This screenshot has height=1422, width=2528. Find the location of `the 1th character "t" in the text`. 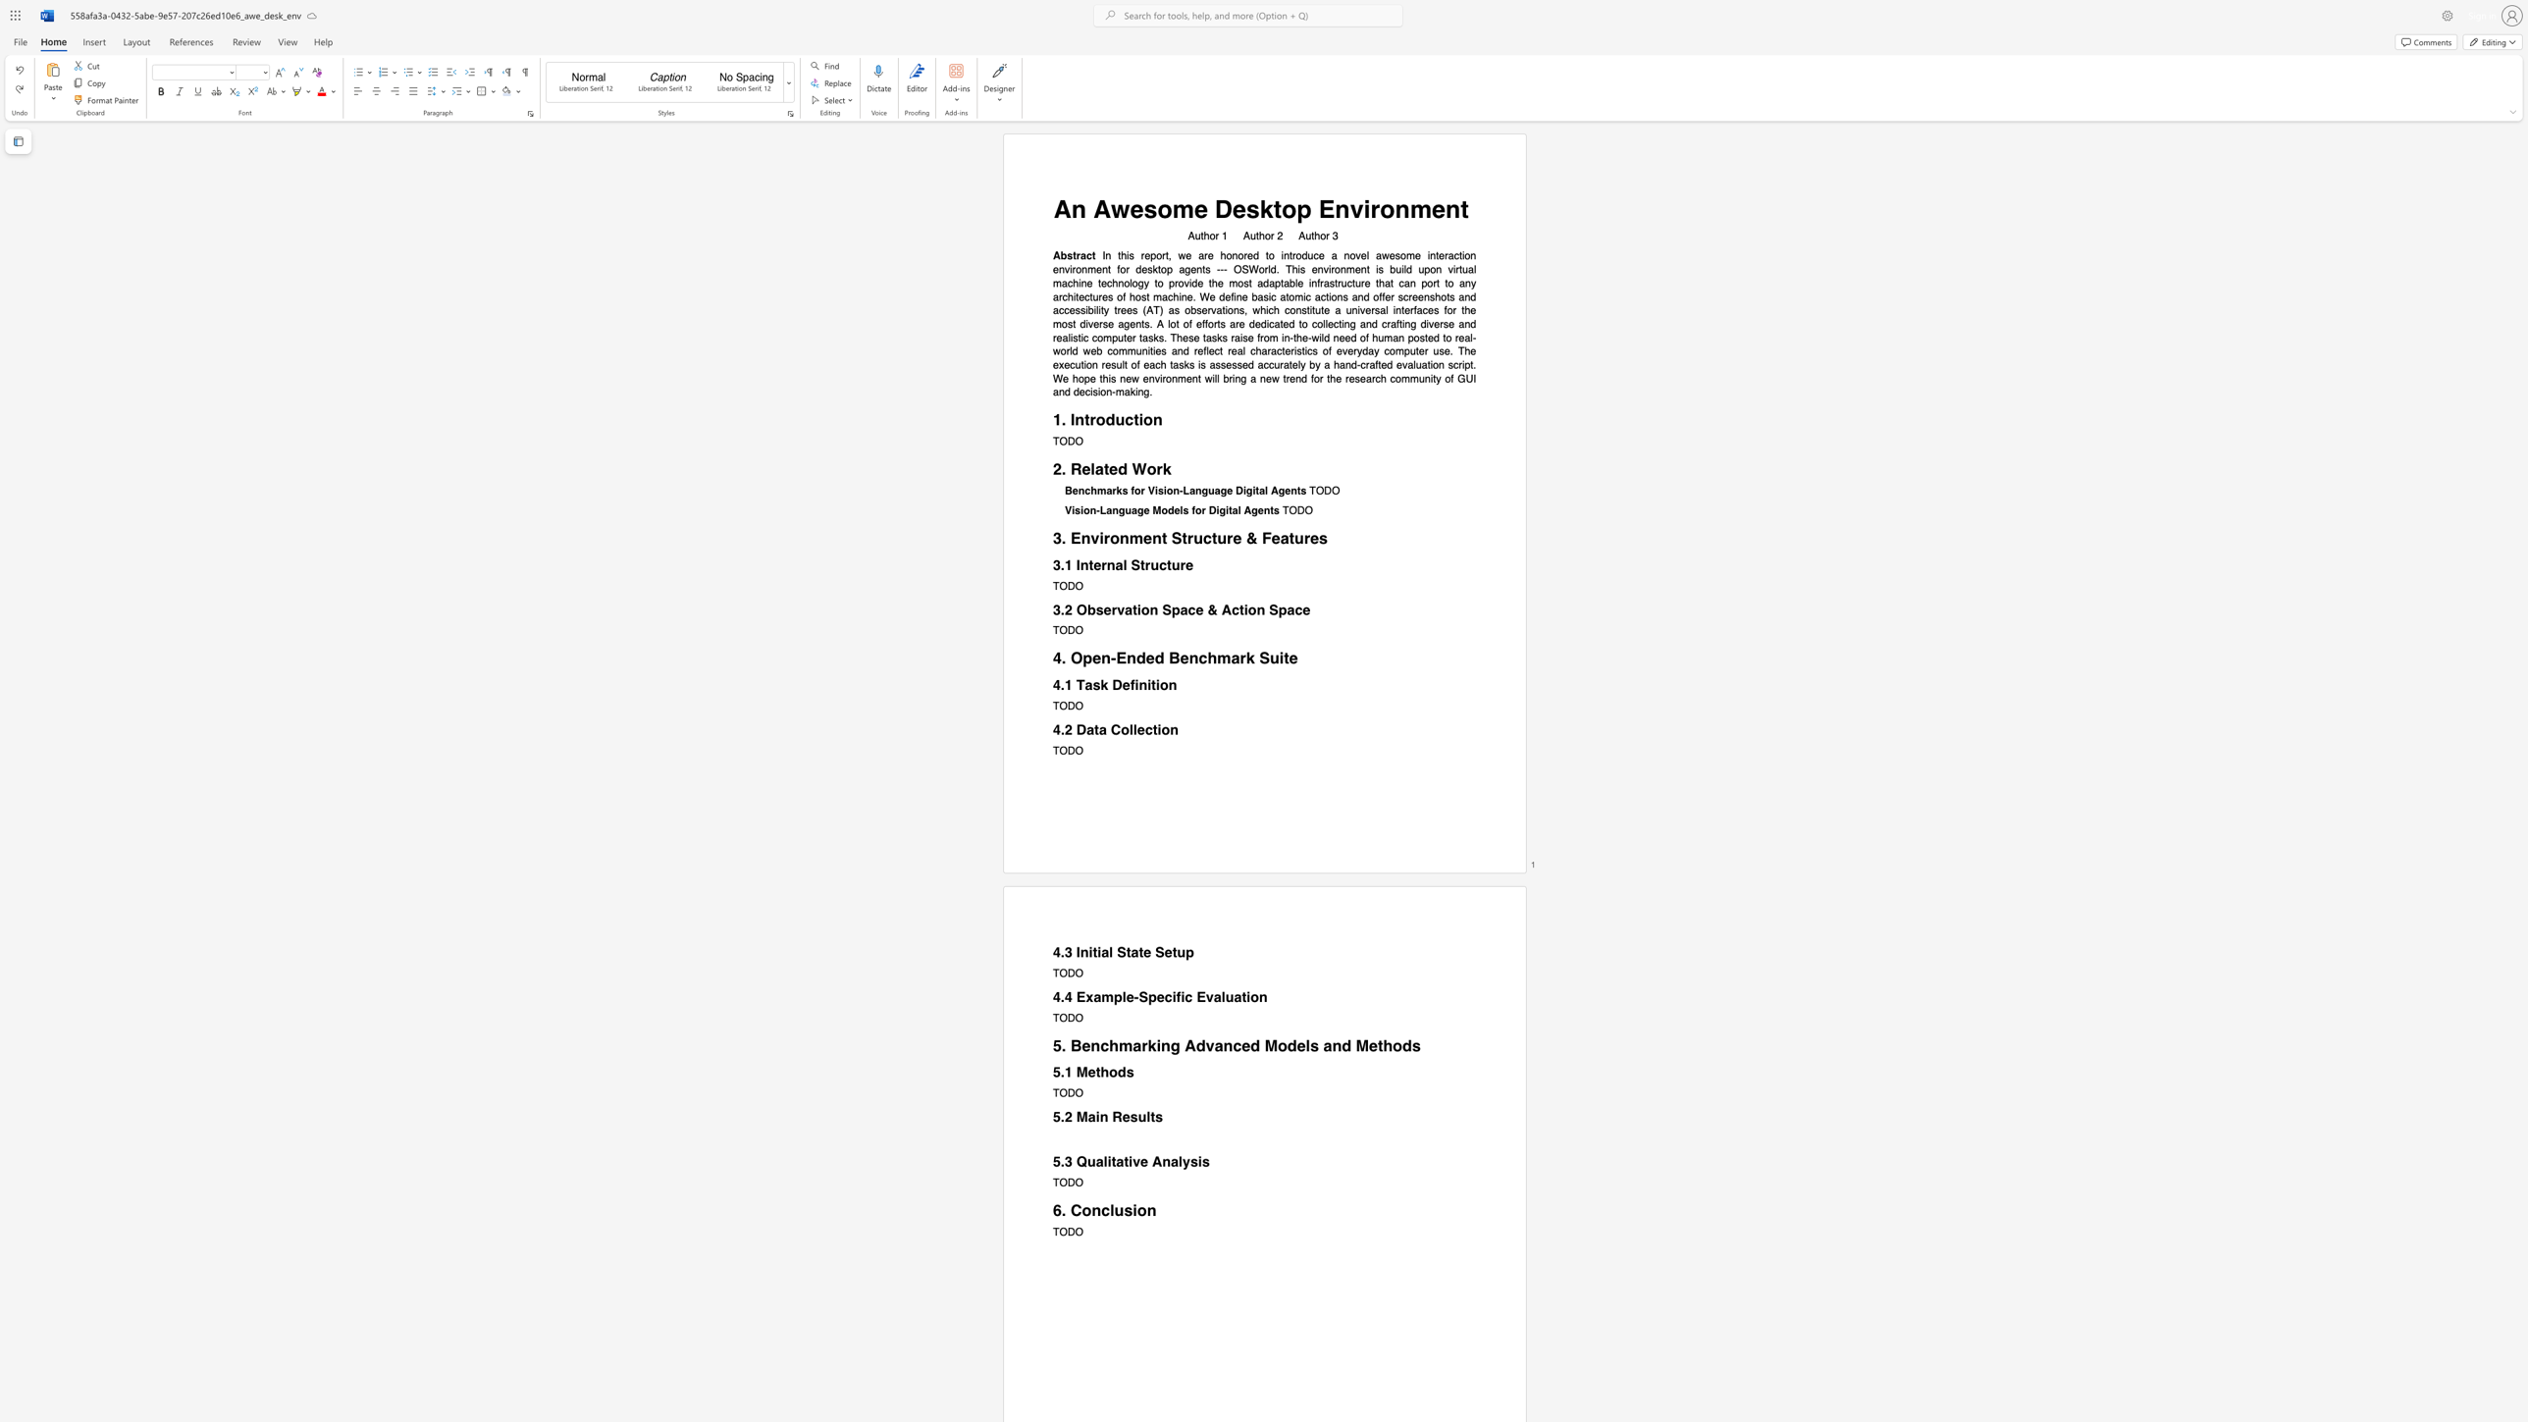

the 1th character "t" in the text is located at coordinates (1106, 469).